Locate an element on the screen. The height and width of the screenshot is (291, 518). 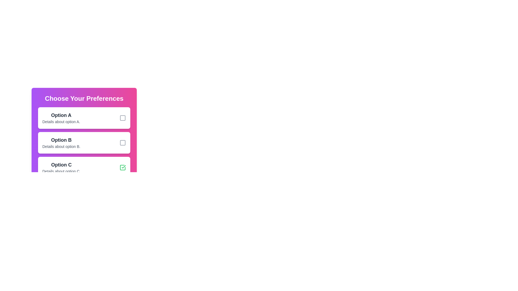
the checkbox located at the far-right edge of the 'Option B' card is located at coordinates (122, 142).